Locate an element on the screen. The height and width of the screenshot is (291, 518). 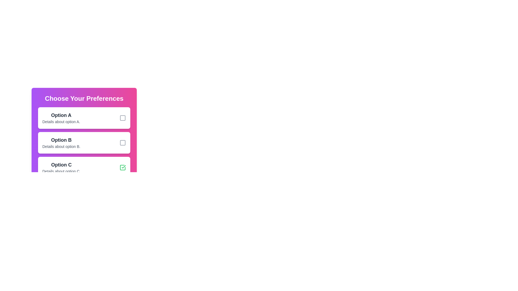
the checkbox located at the far-right edge of the 'Option B' card is located at coordinates (122, 142).